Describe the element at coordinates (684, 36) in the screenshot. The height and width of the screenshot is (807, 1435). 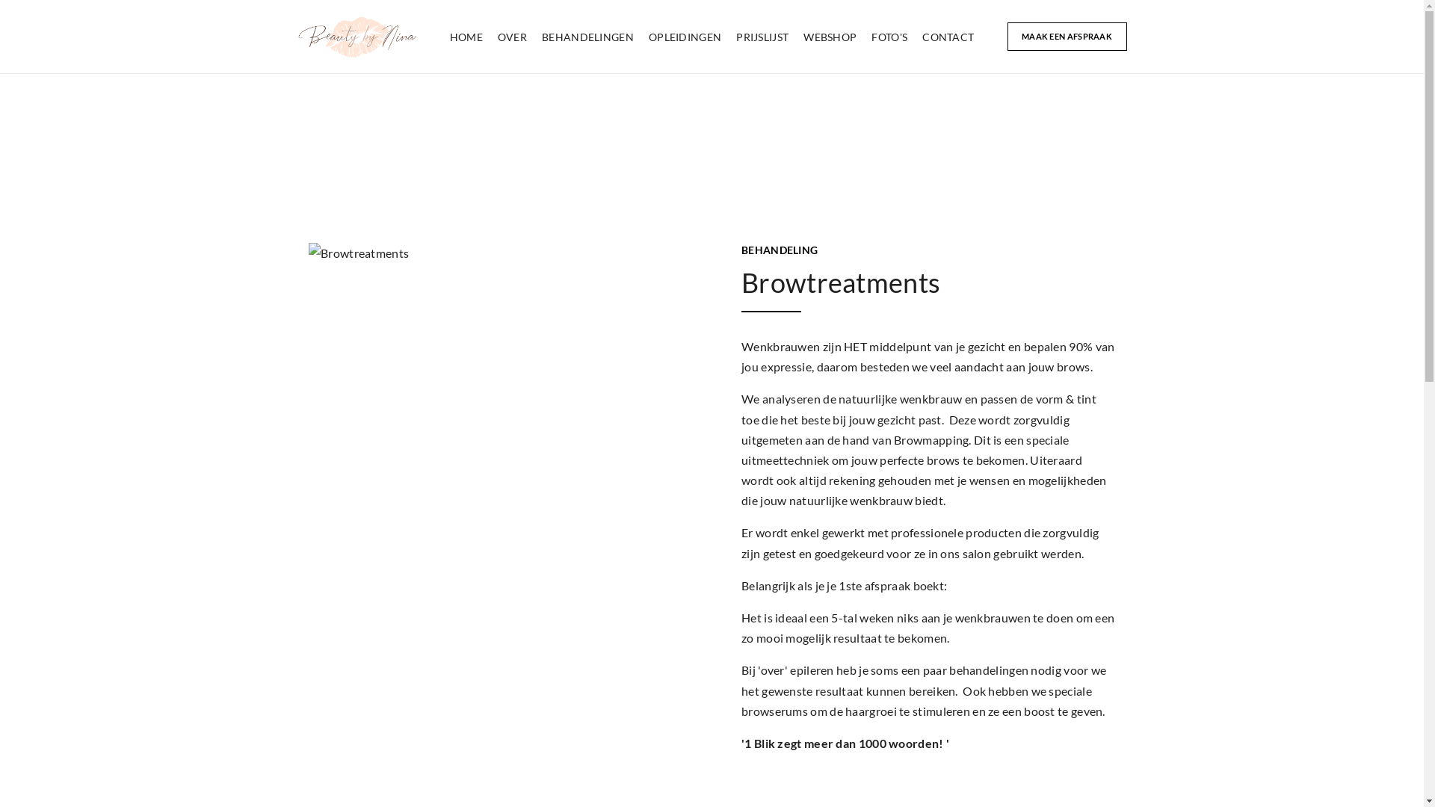
I see `'OPLEIDINGEN'` at that location.